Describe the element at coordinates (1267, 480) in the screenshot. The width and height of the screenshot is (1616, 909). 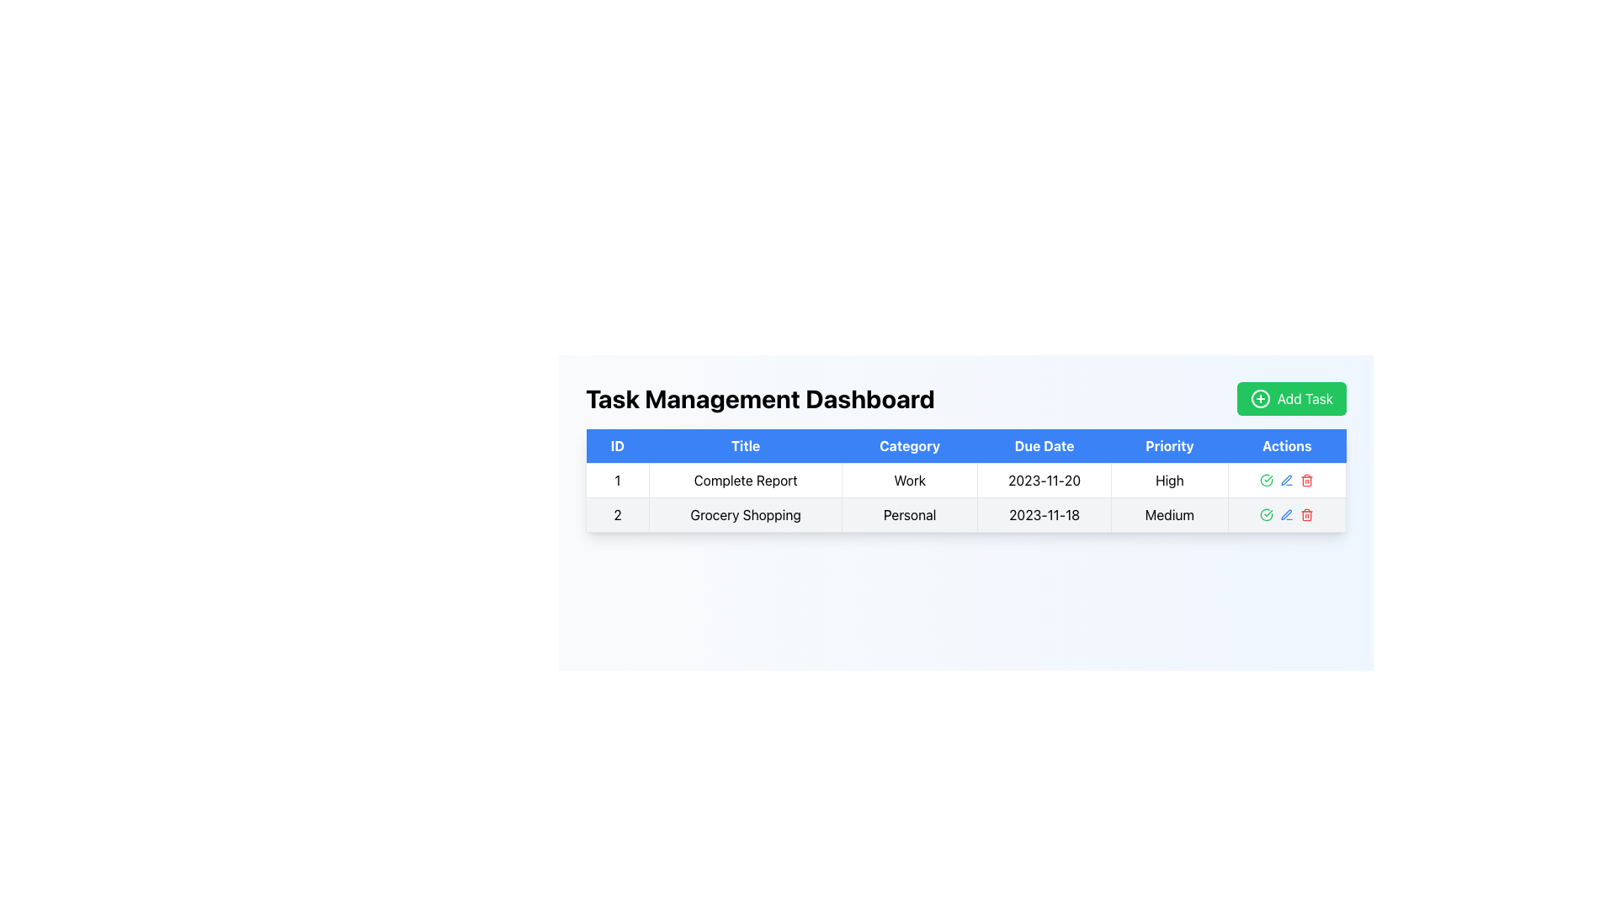
I see `the second interactive icon in the 'Actions' column of the table to observe the hover effect` at that location.